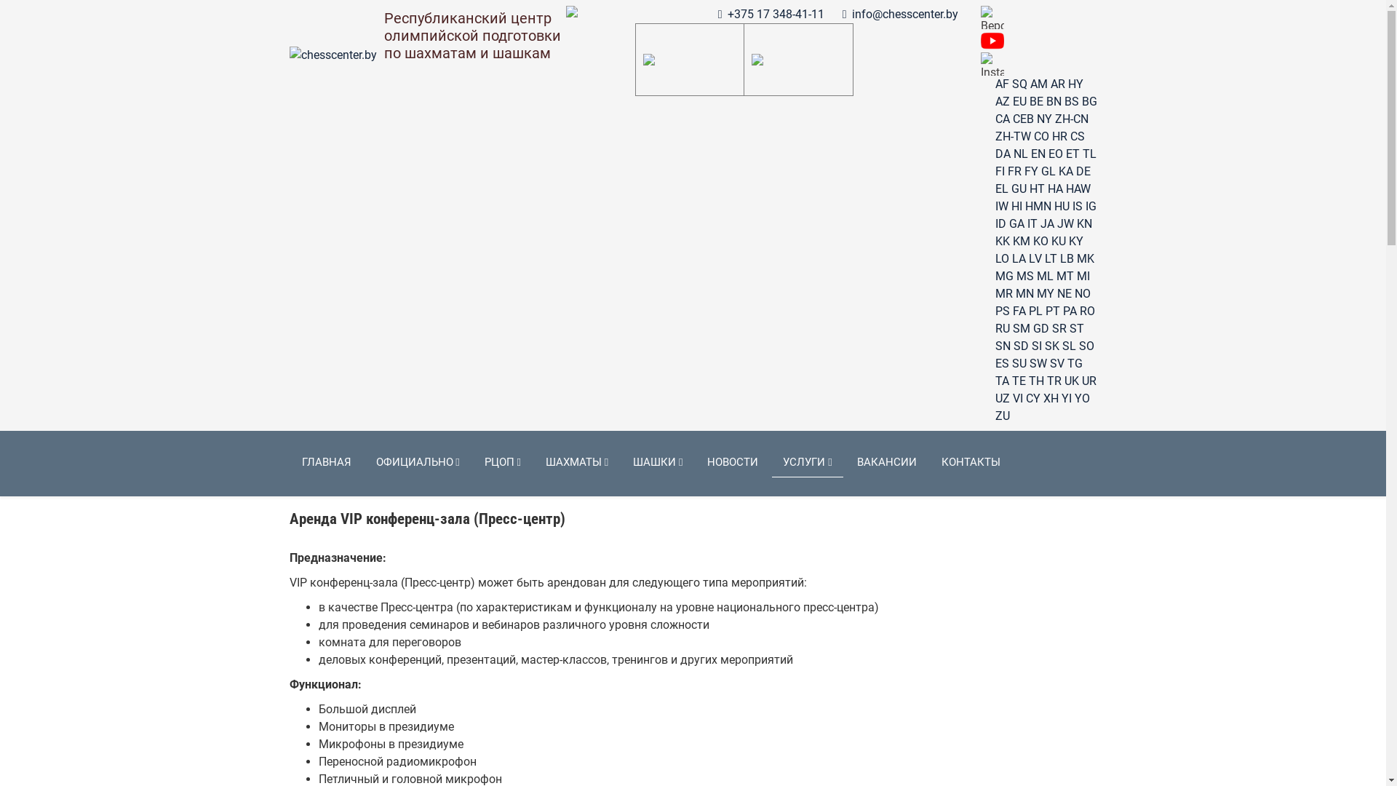 Image resolution: width=1397 pixels, height=786 pixels. I want to click on 'TG', so click(1074, 362).